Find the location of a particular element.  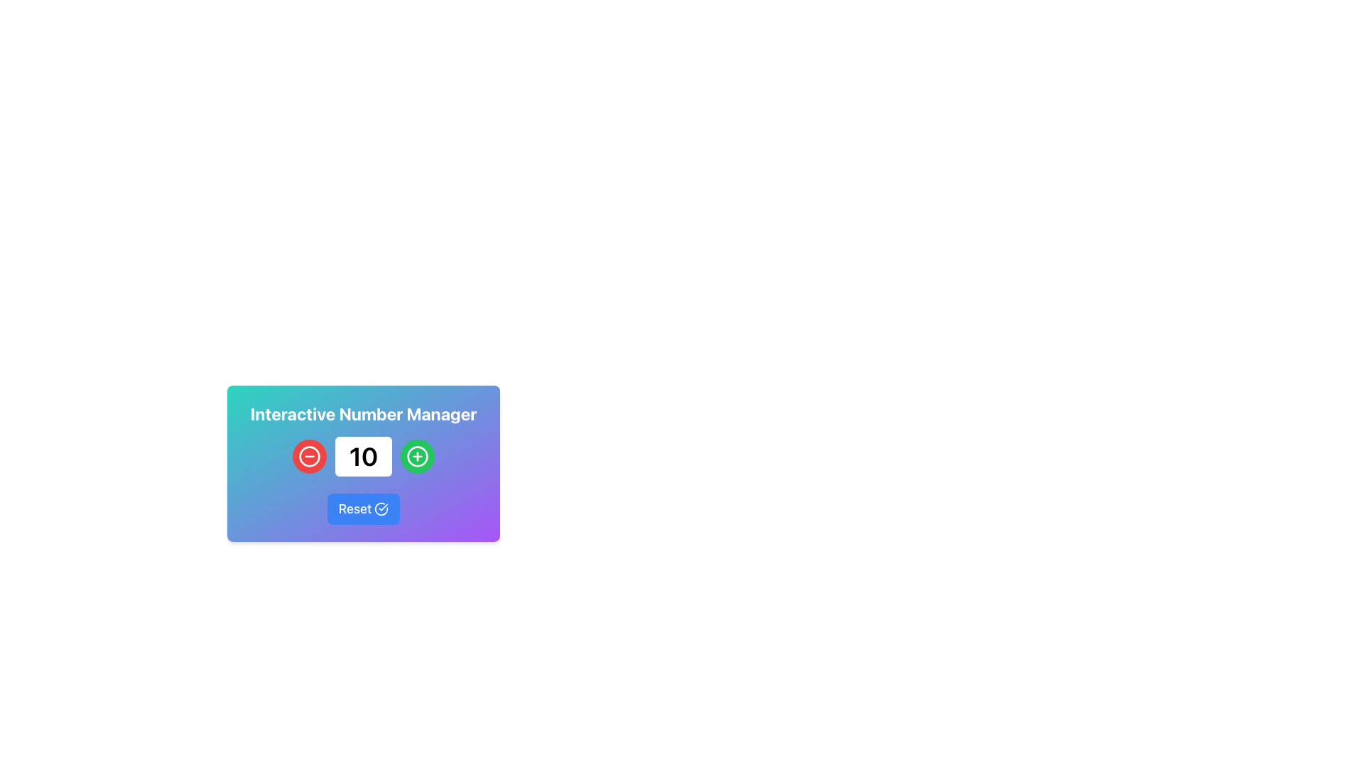

current count value displayed in the Text Display element located at the center of the 'Interactive Number Manager' layout is located at coordinates (364, 457).